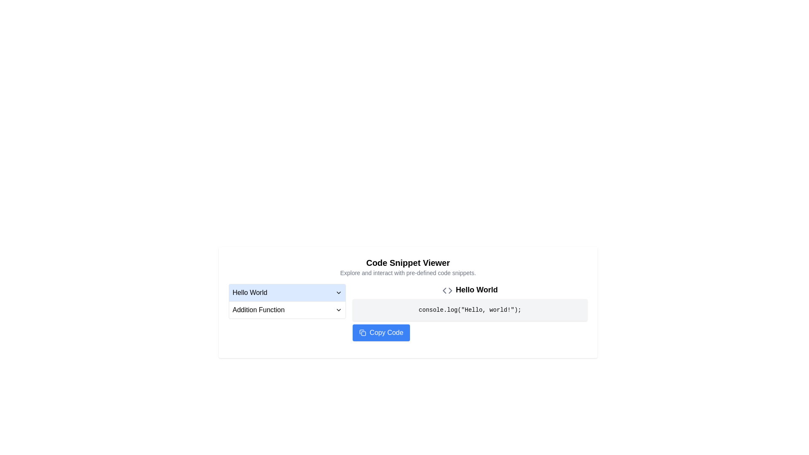 The width and height of the screenshot is (809, 455). I want to click on the first row in the dropdown list to interact with it, which may reveal further options or trigger a specific action, so click(287, 292).